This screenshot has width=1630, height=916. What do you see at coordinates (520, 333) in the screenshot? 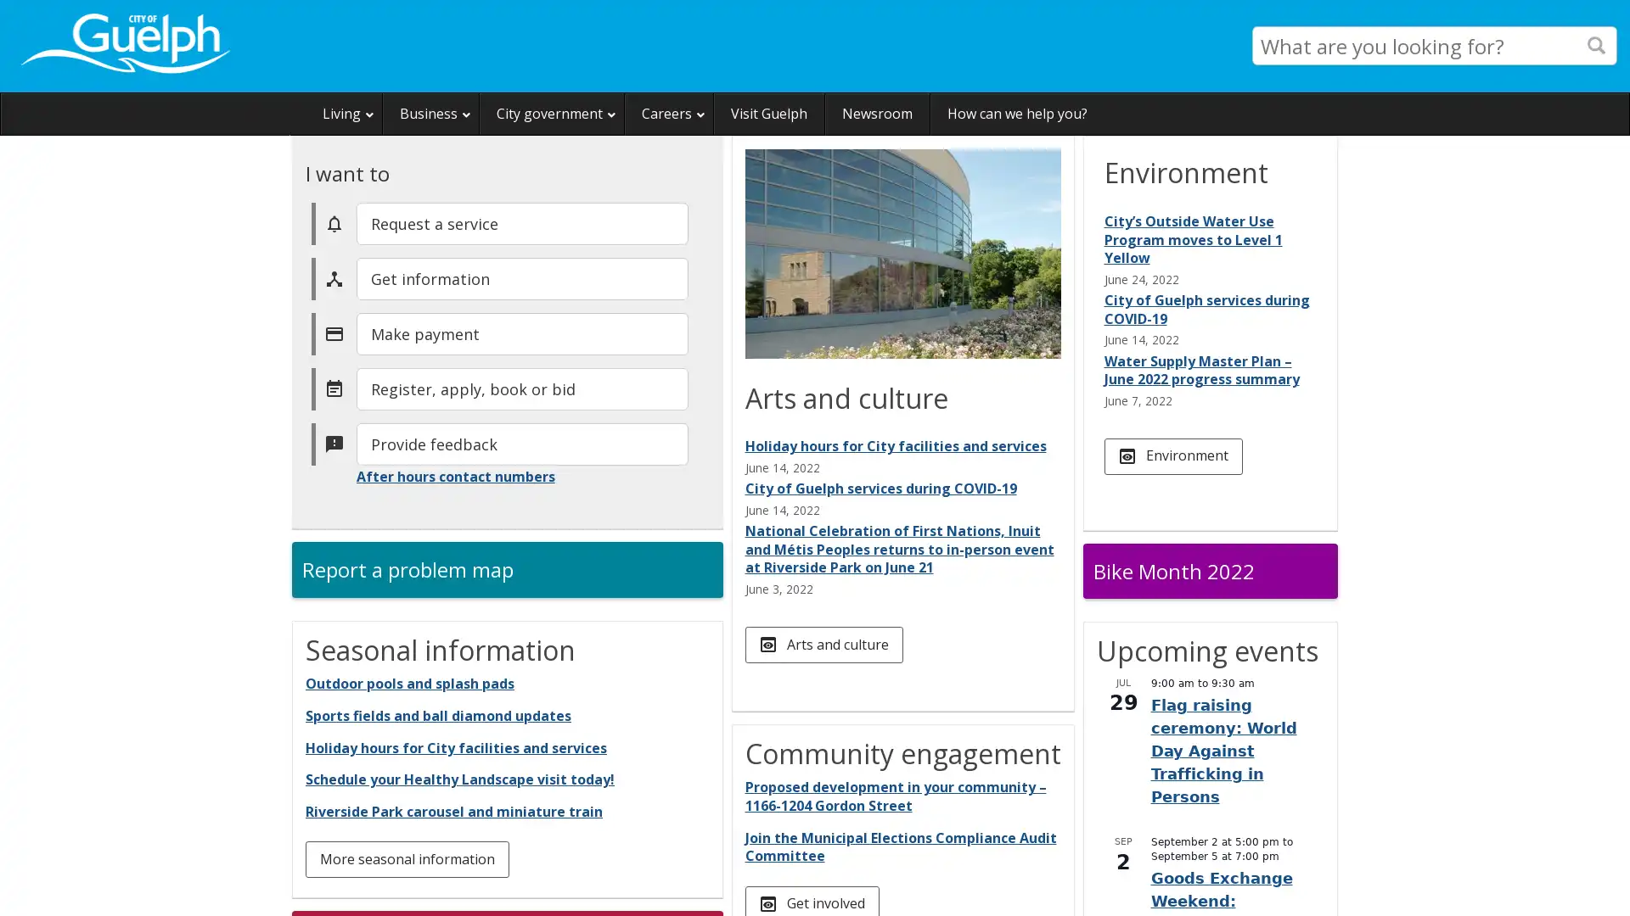
I see `Make payment` at bounding box center [520, 333].